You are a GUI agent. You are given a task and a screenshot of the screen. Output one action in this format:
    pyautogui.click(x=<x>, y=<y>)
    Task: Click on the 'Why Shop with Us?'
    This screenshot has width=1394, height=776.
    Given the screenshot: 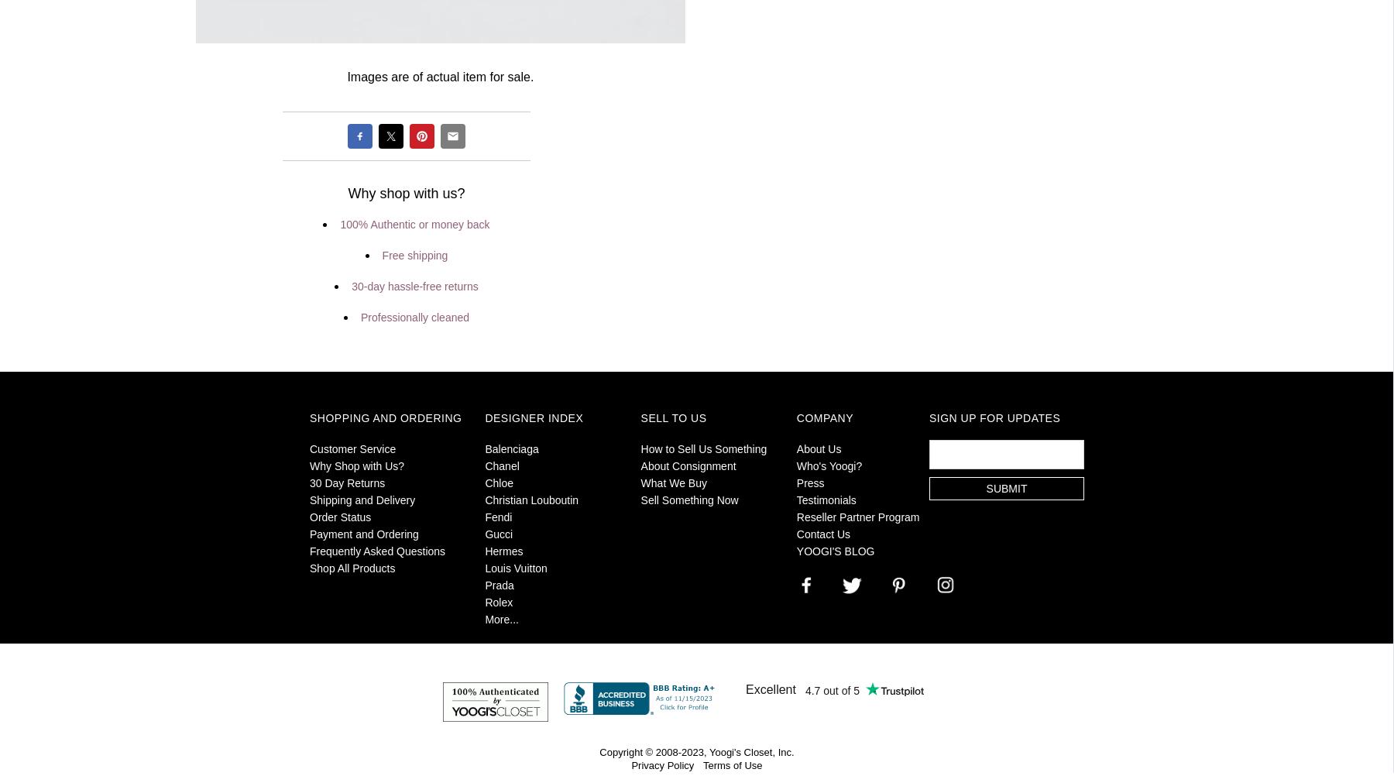 What is the action you would take?
    pyautogui.click(x=355, y=464)
    